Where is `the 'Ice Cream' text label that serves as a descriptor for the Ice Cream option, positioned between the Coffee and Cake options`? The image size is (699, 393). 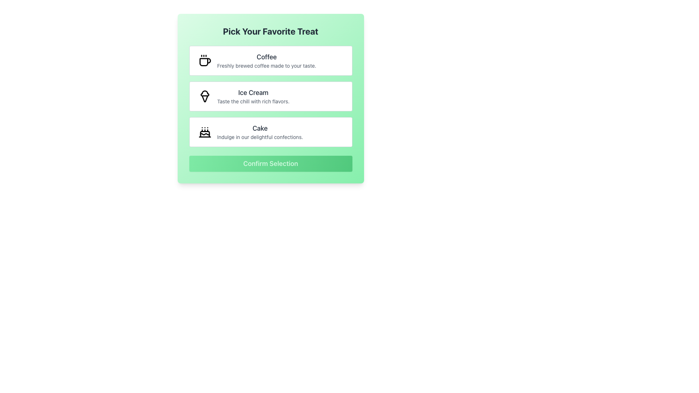
the 'Ice Cream' text label that serves as a descriptor for the Ice Cream option, positioned between the Coffee and Cake options is located at coordinates (253, 96).